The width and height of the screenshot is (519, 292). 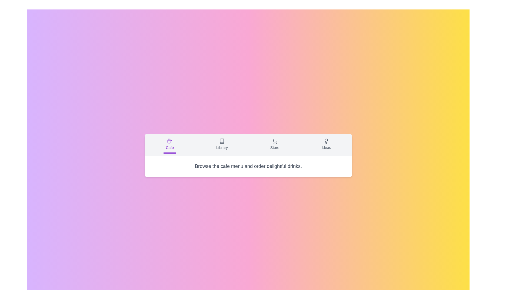 What do you see at coordinates (275, 144) in the screenshot?
I see `the navigation button for the 'Store' using keyboard navigation` at bounding box center [275, 144].